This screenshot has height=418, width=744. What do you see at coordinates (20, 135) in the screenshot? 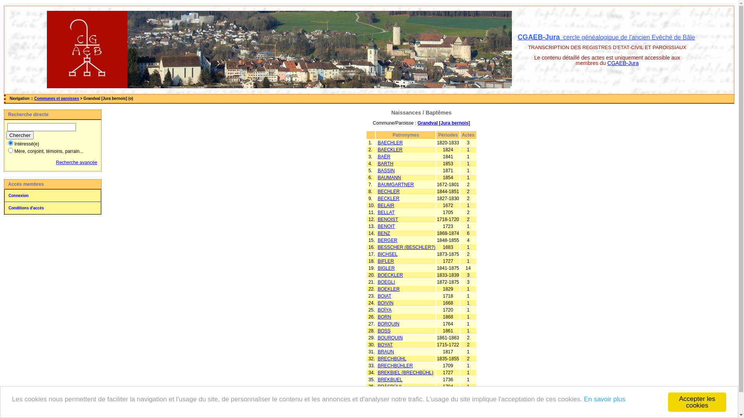
I see `'Chercher'` at bounding box center [20, 135].